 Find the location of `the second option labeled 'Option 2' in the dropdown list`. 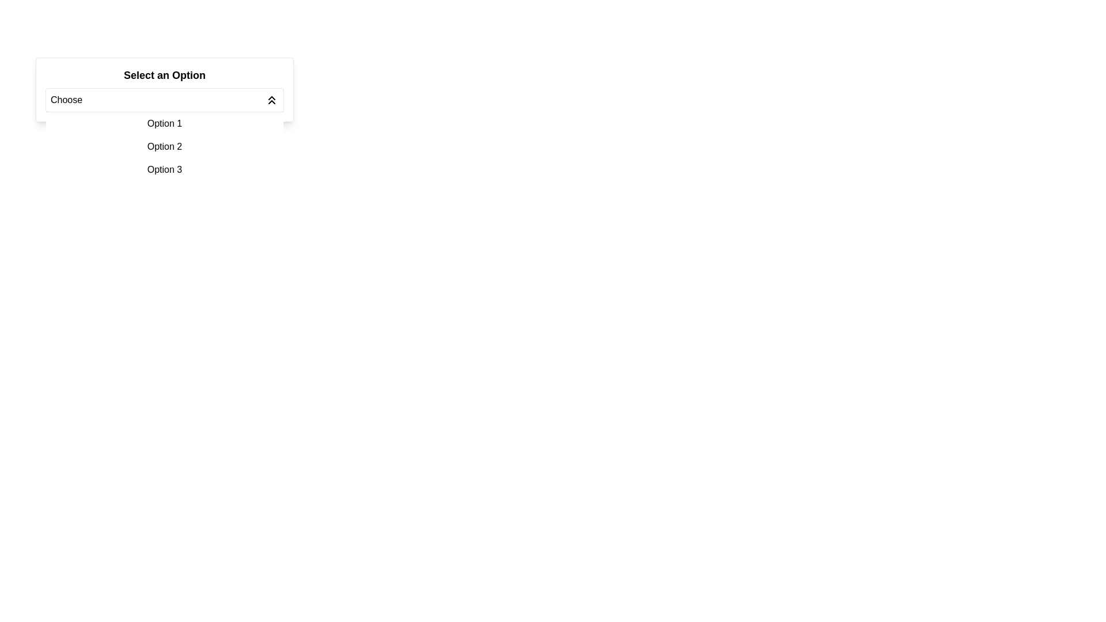

the second option labeled 'Option 2' in the dropdown list is located at coordinates (164, 146).